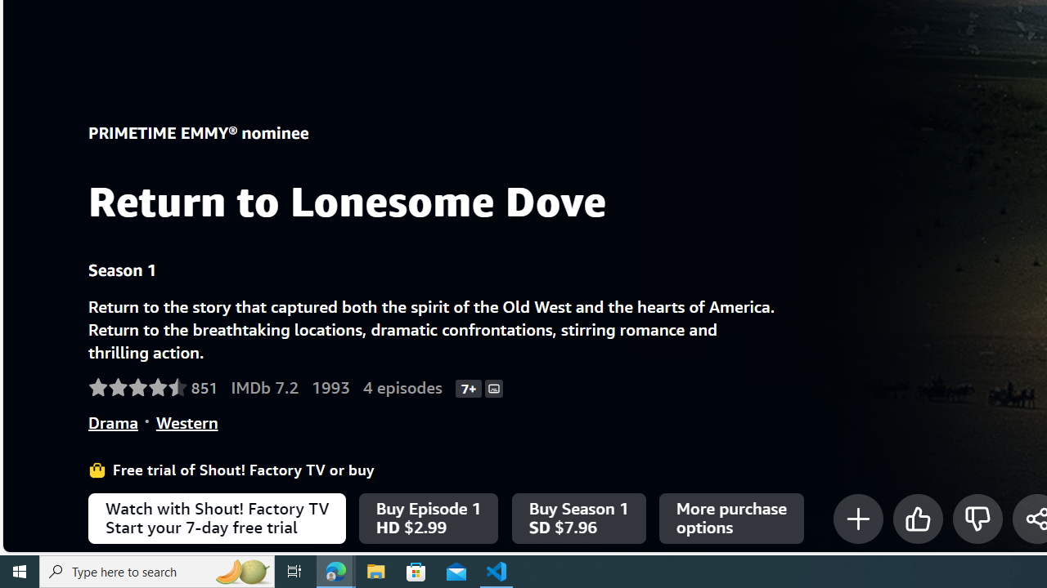 The width and height of the screenshot is (1047, 588). I want to click on 'Rated 4.6 out of 5 stars by 851 Amazon customers.', so click(153, 388).